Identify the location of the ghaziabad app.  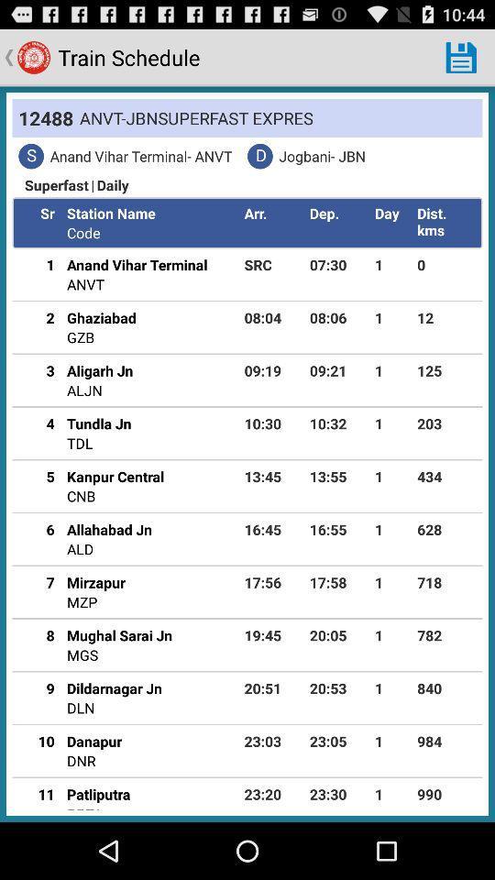
(102, 317).